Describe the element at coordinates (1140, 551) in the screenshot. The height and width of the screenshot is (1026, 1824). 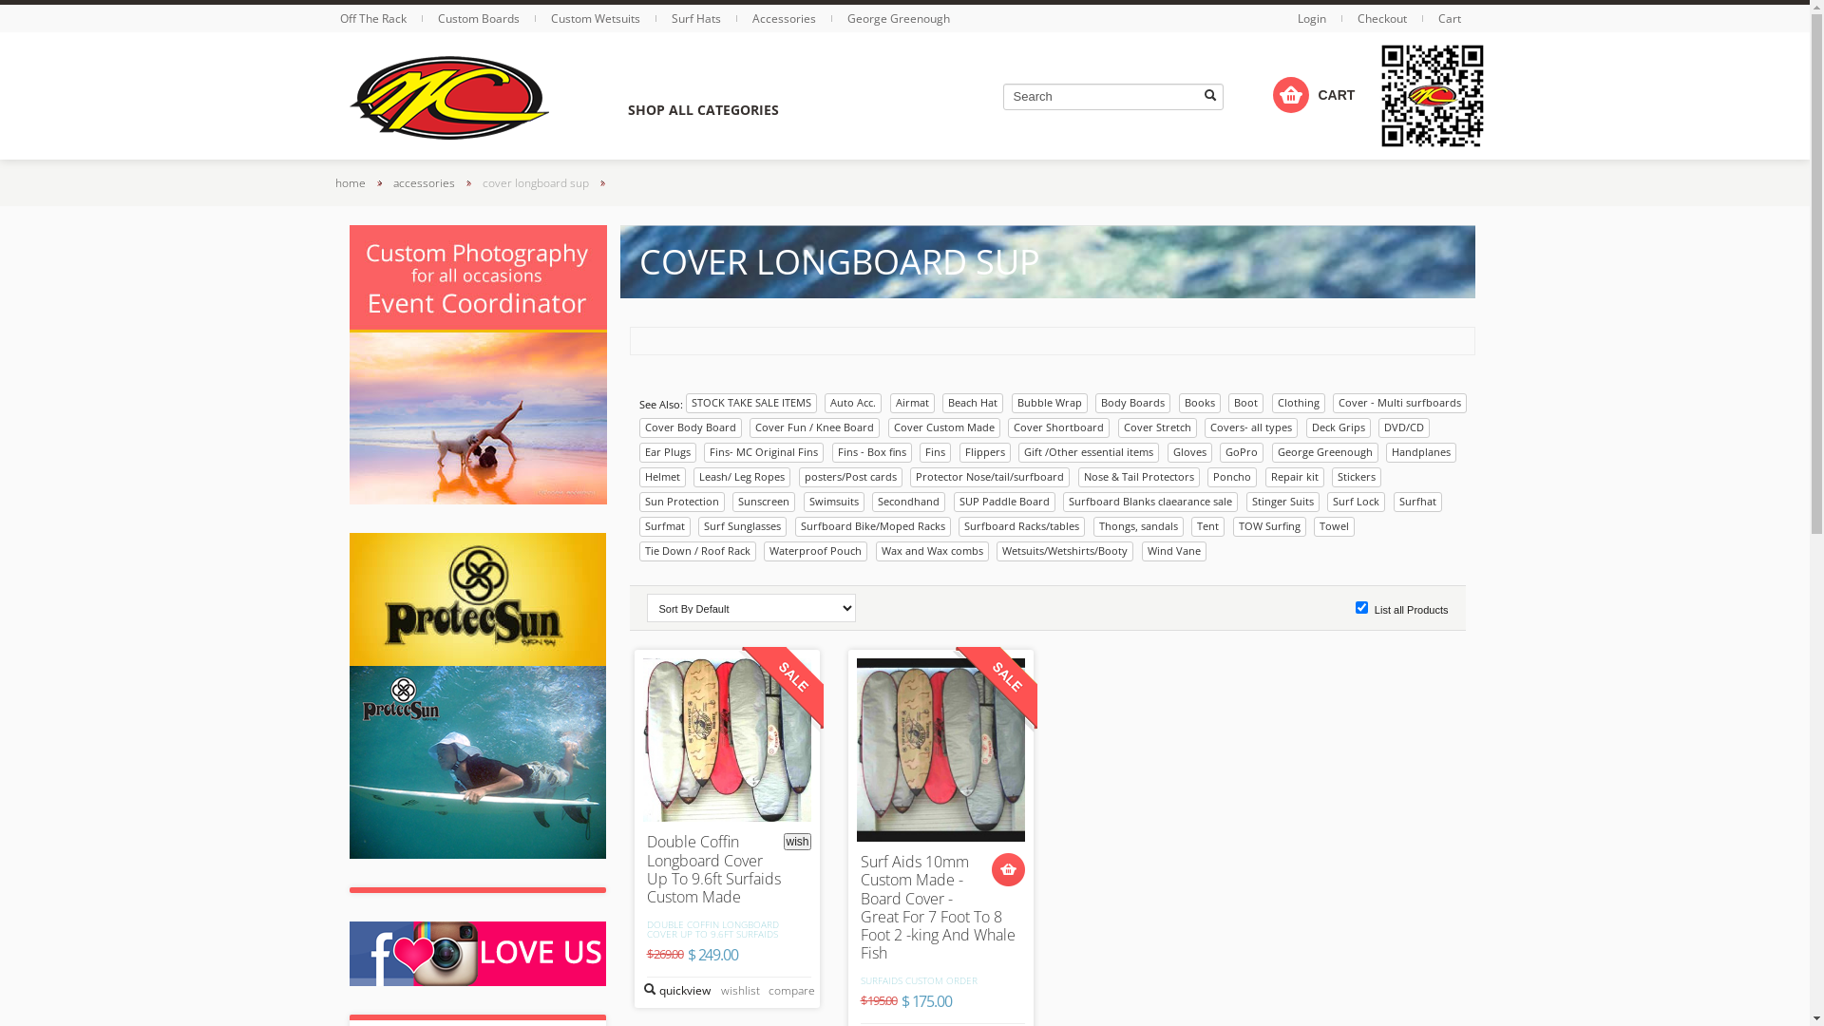
I see `'Wind Vane'` at that location.